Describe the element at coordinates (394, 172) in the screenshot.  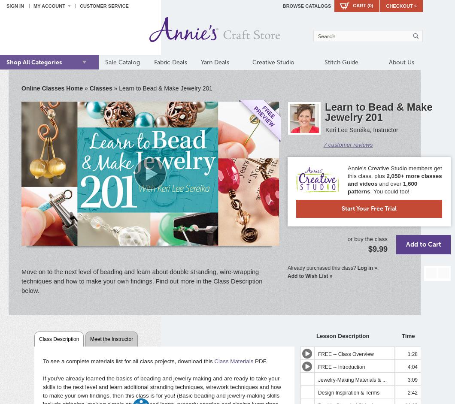
I see `'Annie's Creative Studio members get this class, plus'` at that location.